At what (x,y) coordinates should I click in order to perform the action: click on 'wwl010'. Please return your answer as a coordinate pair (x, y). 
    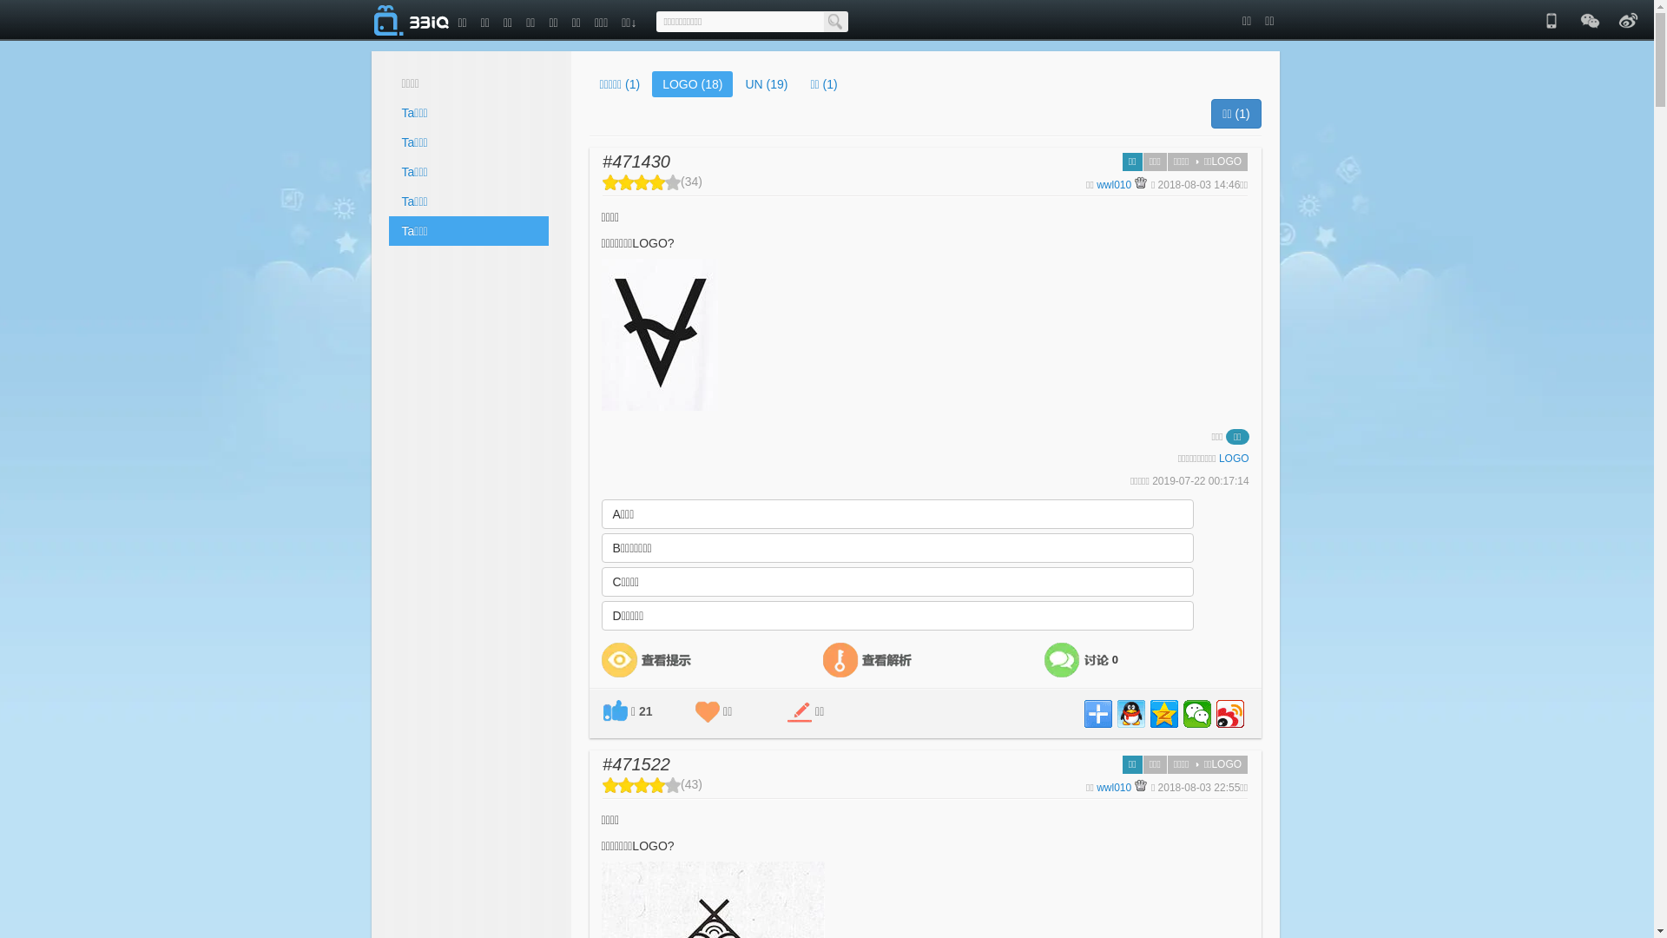
    Looking at the image, I should click on (1113, 787).